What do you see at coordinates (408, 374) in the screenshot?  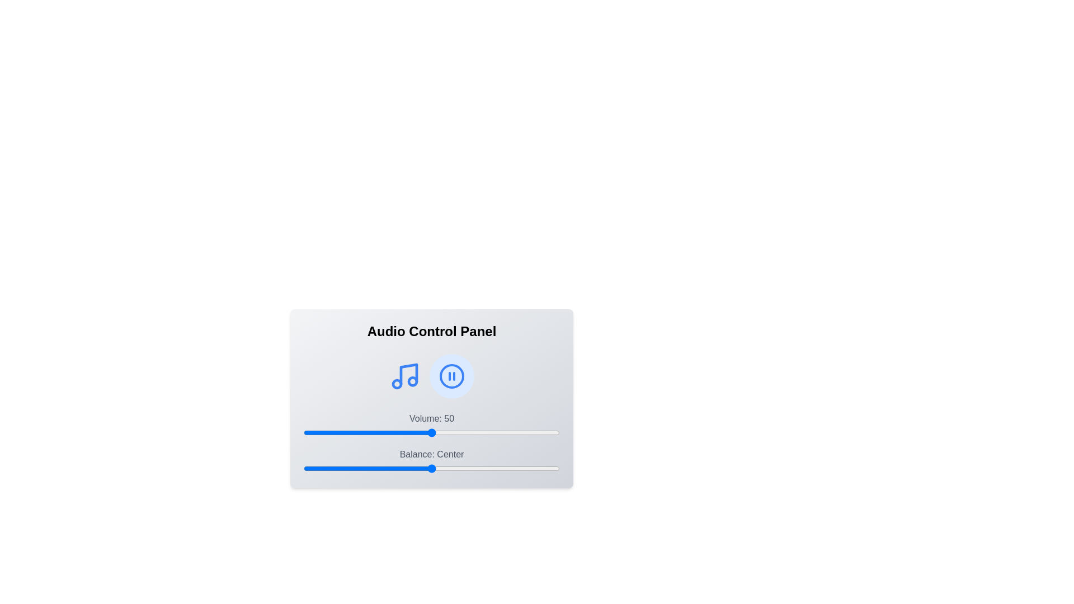 I see `the musical note icon located in the Audio Control Panel, which serves as a visual indicator for music functionality` at bounding box center [408, 374].